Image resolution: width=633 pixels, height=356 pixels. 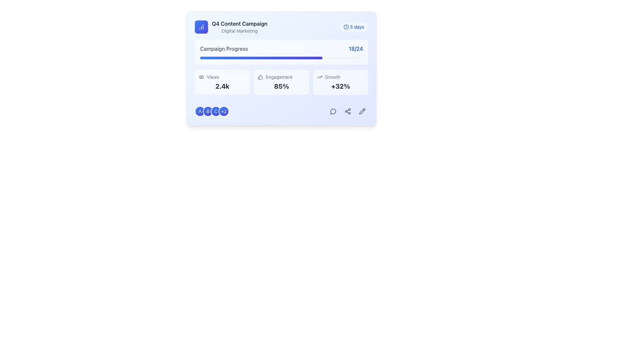 I want to click on the pencil icon button located in the lower-right corner of the card interface, so click(x=362, y=111).